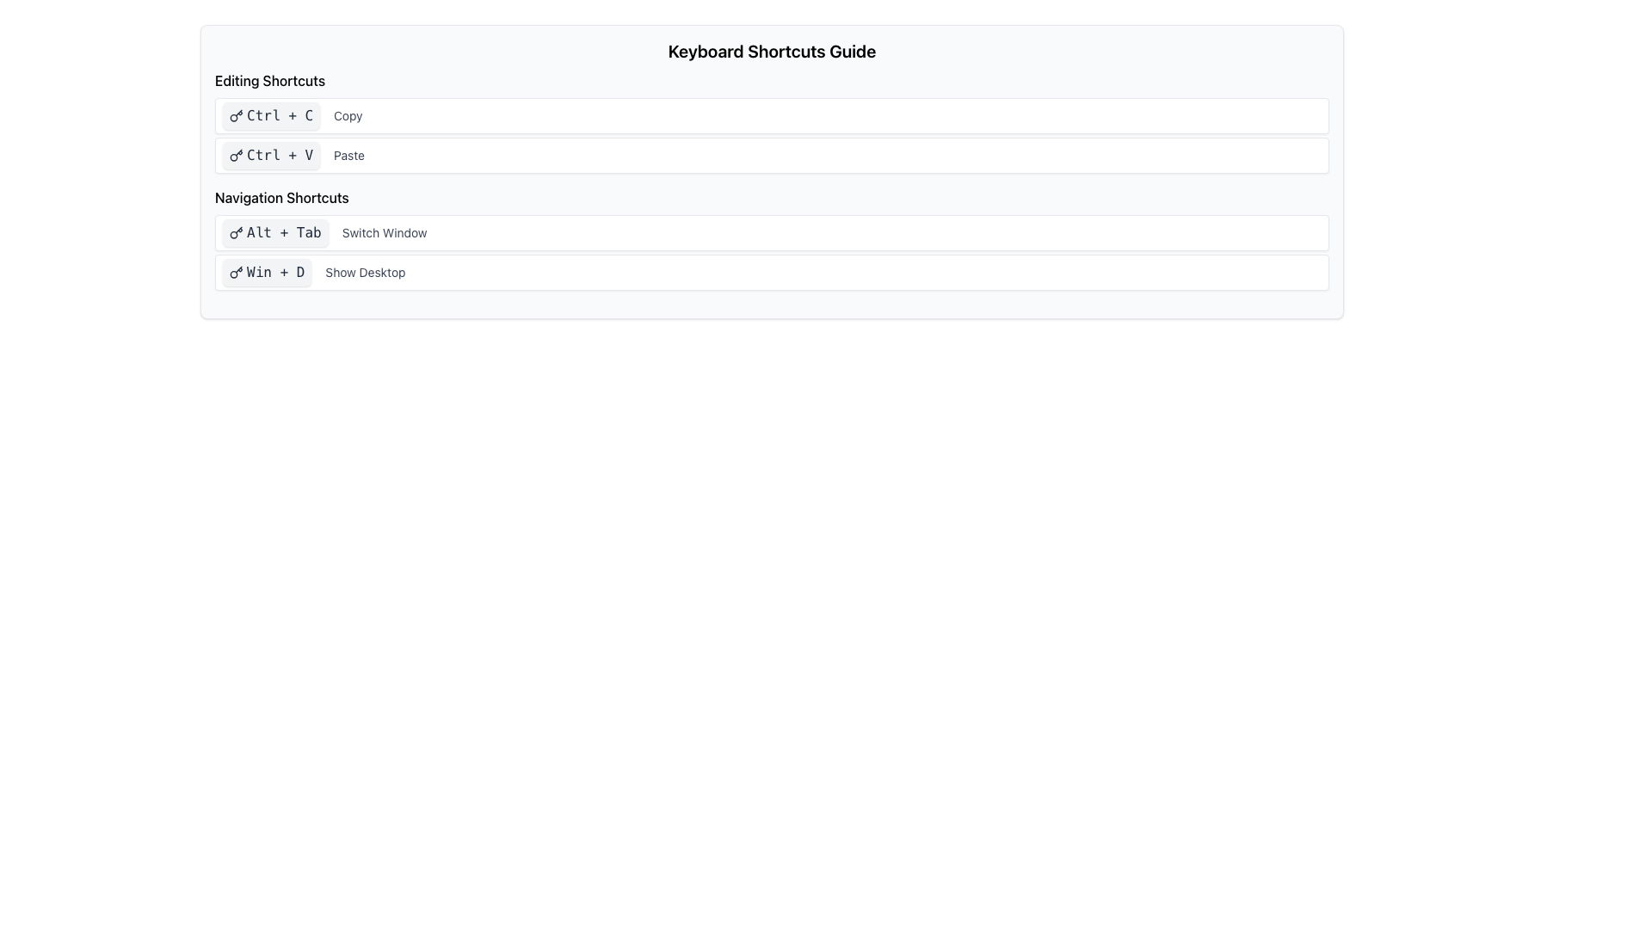 The image size is (1652, 929). Describe the element at coordinates (235, 232) in the screenshot. I see `the key icon that signifies the 'Alt + Tab' keyboard shortcut, located in the 'Navigation Shortcuts' section of the interface` at that location.